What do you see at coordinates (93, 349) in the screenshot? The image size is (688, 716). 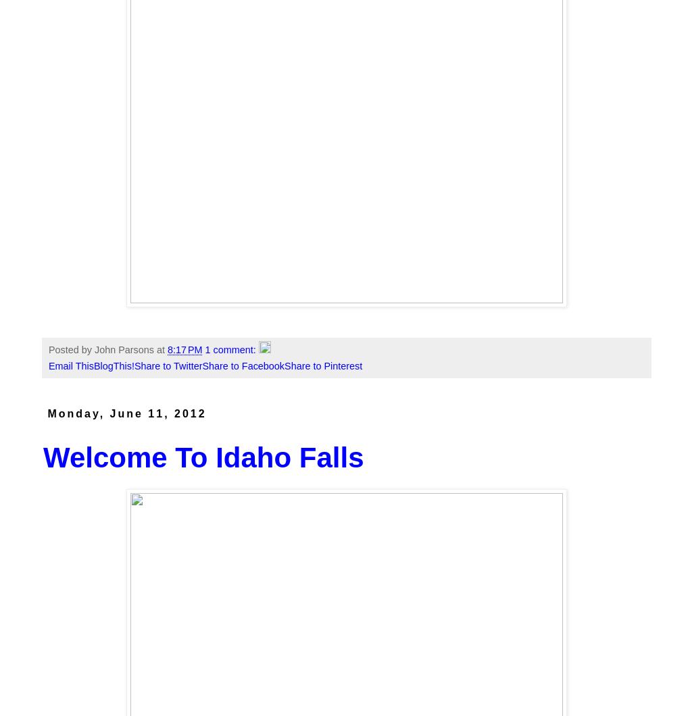 I see `'John Parsons'` at bounding box center [93, 349].